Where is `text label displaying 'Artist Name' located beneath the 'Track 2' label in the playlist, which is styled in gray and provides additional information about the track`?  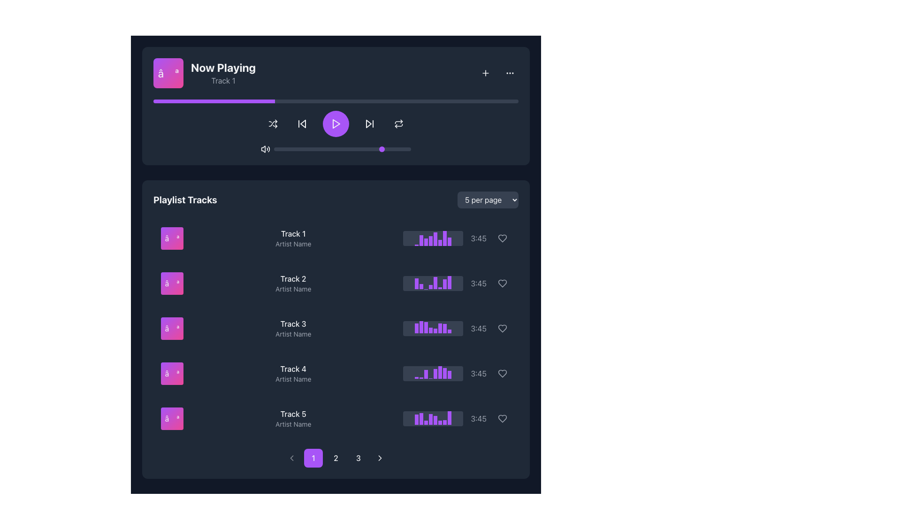 text label displaying 'Artist Name' located beneath the 'Track 2' label in the playlist, which is styled in gray and provides additional information about the track is located at coordinates (293, 289).